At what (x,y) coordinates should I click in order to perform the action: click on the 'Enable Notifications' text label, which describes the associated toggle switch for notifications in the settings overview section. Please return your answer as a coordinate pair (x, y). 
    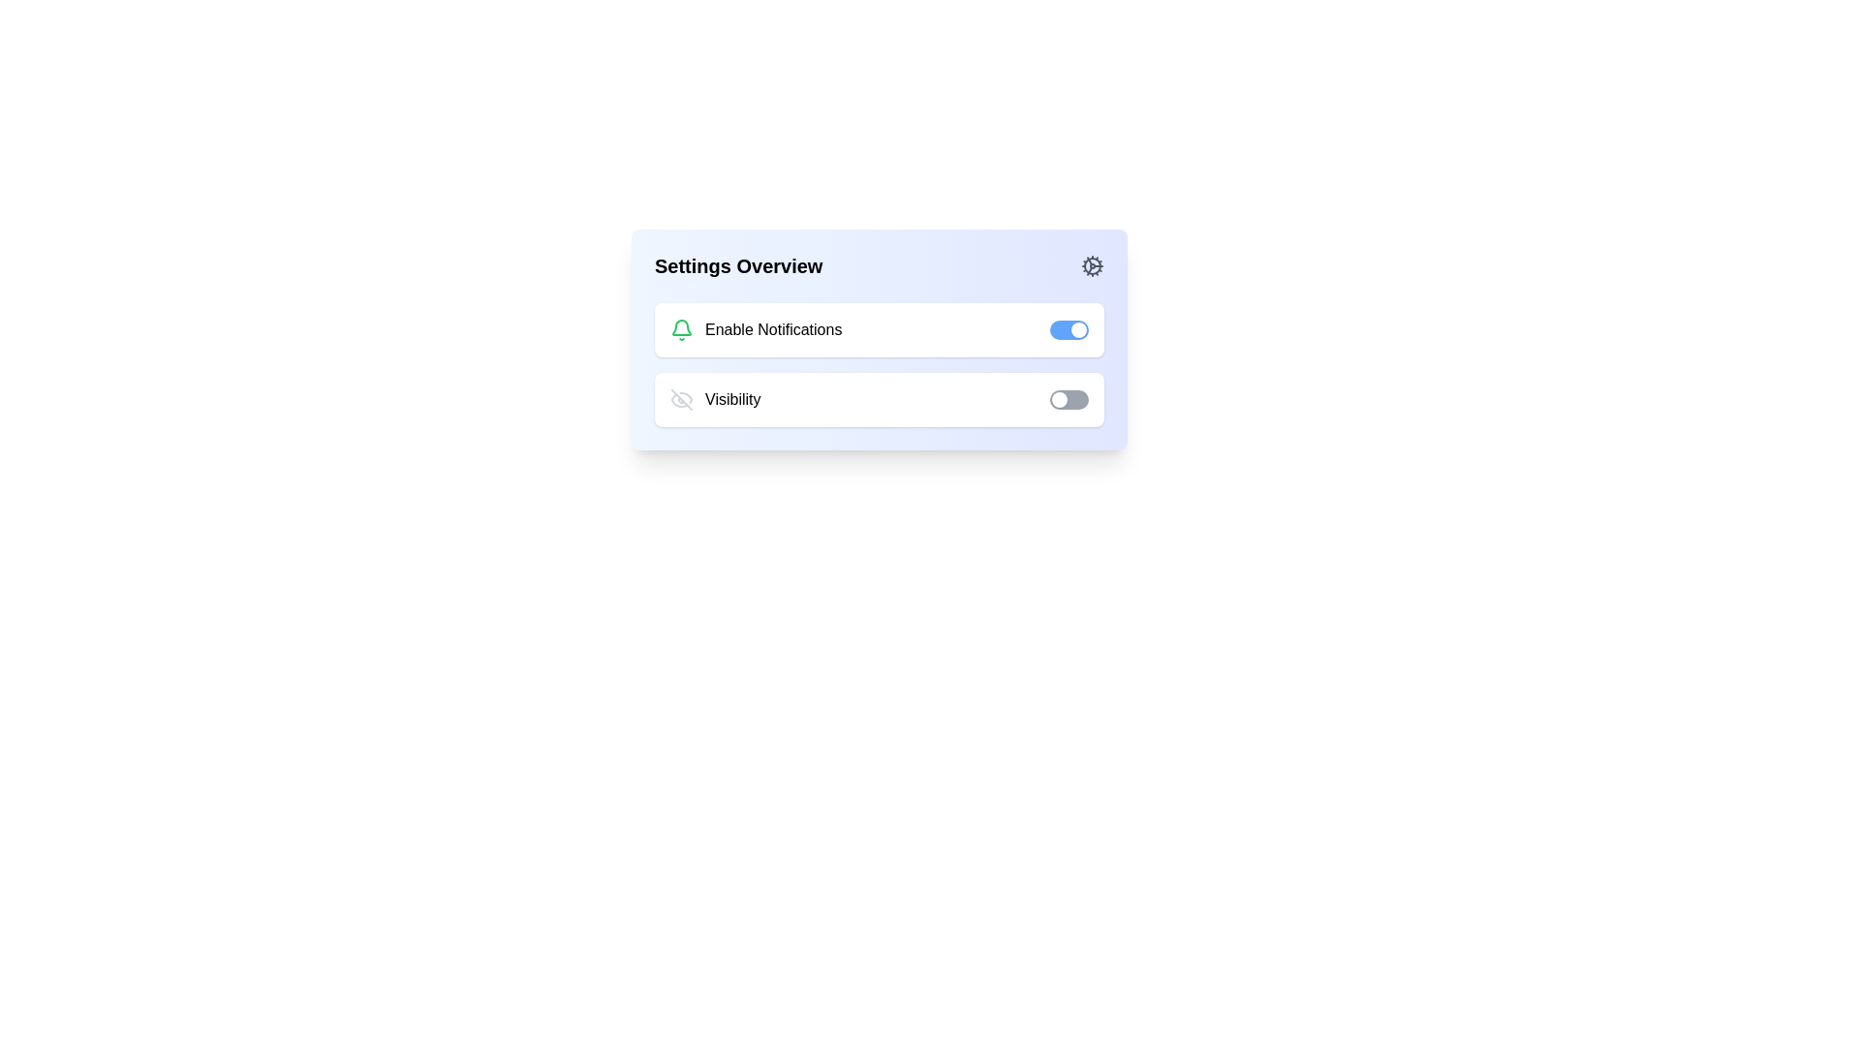
    Looking at the image, I should click on (772, 328).